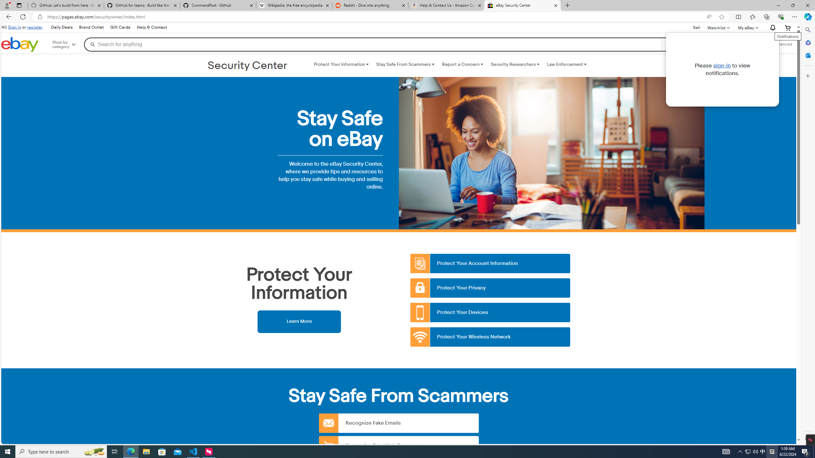  What do you see at coordinates (294, 5) in the screenshot?
I see `'Wikipedia, the free encyclopedia'` at bounding box center [294, 5].